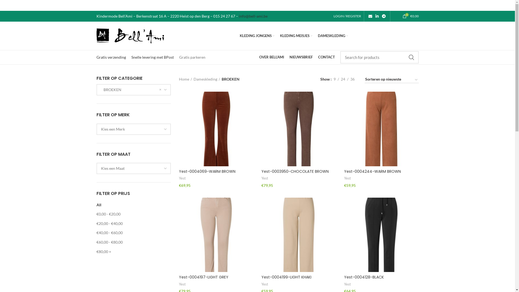 This screenshot has width=519, height=292. Describe the element at coordinates (326, 57) in the screenshot. I see `'CONTACT'` at that location.